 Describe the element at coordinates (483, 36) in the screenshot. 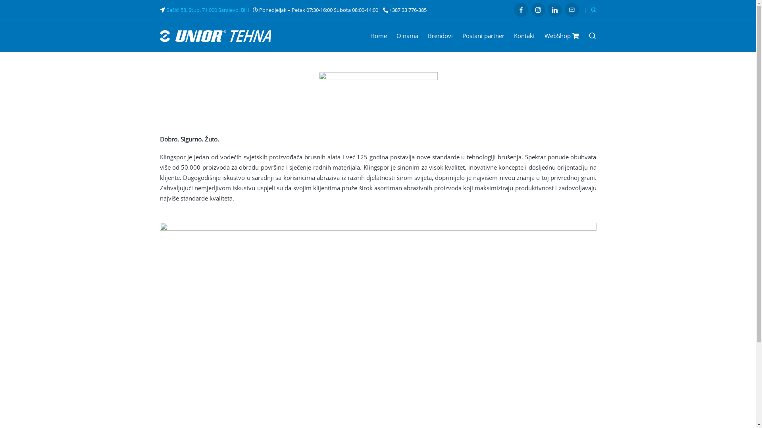

I see `'Postani partner'` at that location.